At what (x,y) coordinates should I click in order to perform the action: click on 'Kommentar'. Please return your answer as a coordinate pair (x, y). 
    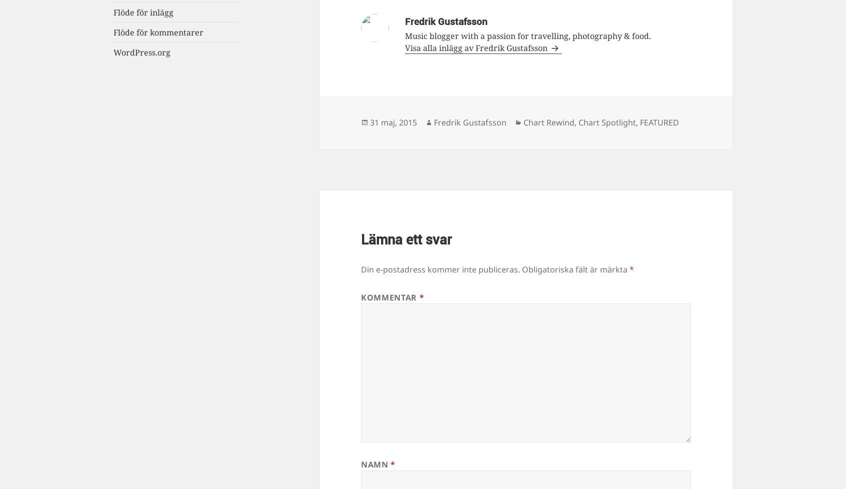
    Looking at the image, I should click on (390, 297).